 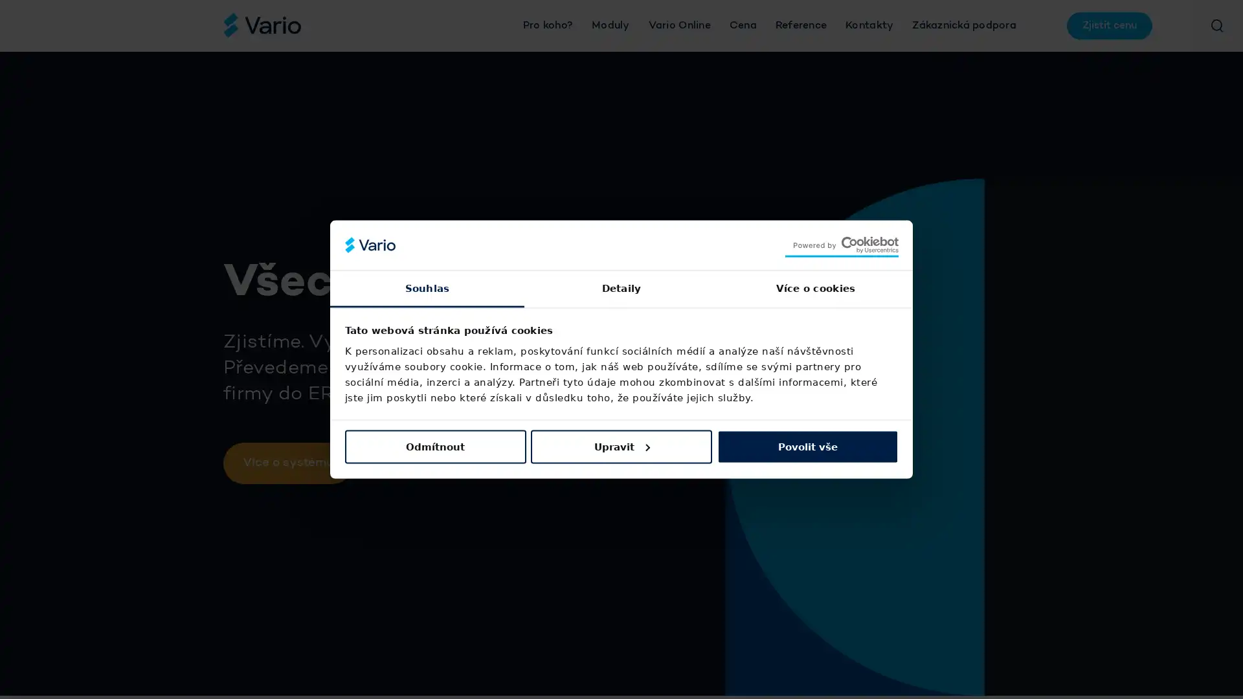 I want to click on Povolit vse, so click(x=807, y=446).